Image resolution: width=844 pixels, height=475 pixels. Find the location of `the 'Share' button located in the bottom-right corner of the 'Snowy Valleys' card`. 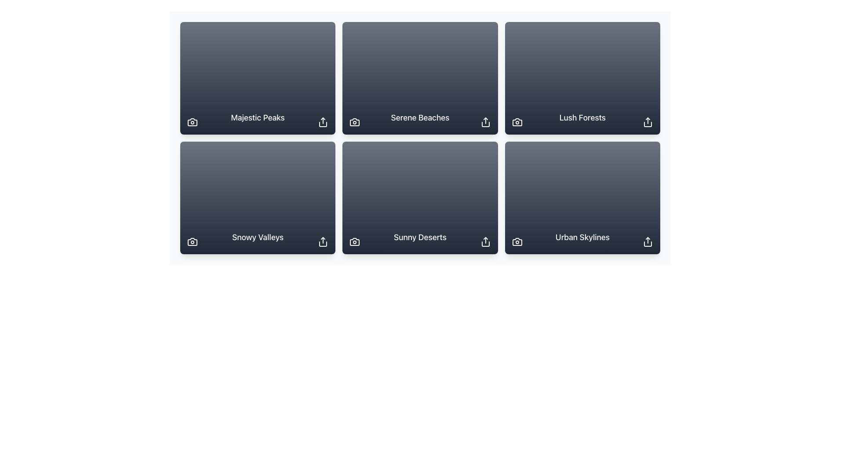

the 'Share' button located in the bottom-right corner of the 'Snowy Valleys' card is located at coordinates (323, 242).